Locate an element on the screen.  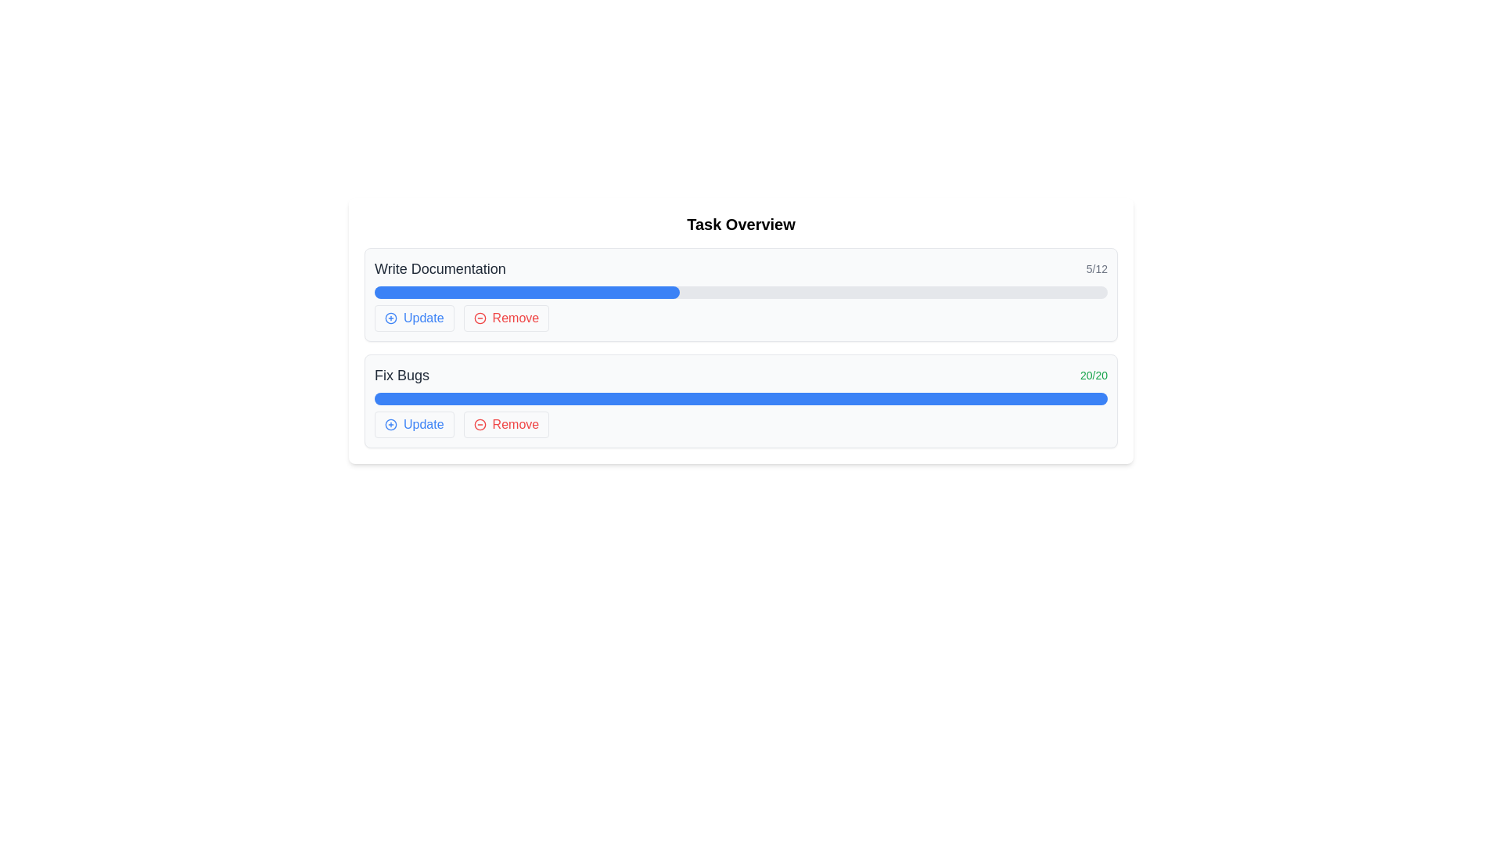
the 'Remove' button in the Button group located near the bottom of the 'Write Documentation' task card is located at coordinates (740, 318).